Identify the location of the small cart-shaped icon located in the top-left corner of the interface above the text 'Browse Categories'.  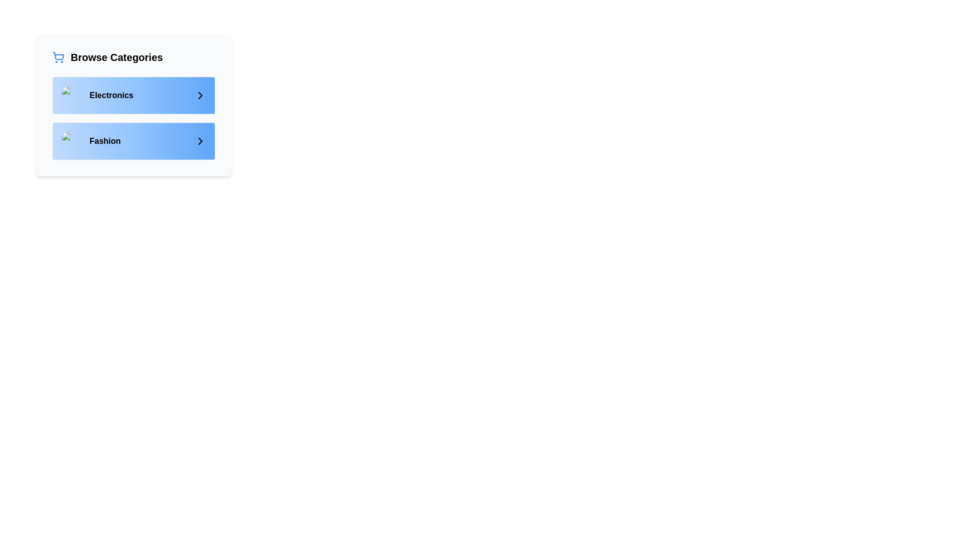
(58, 56).